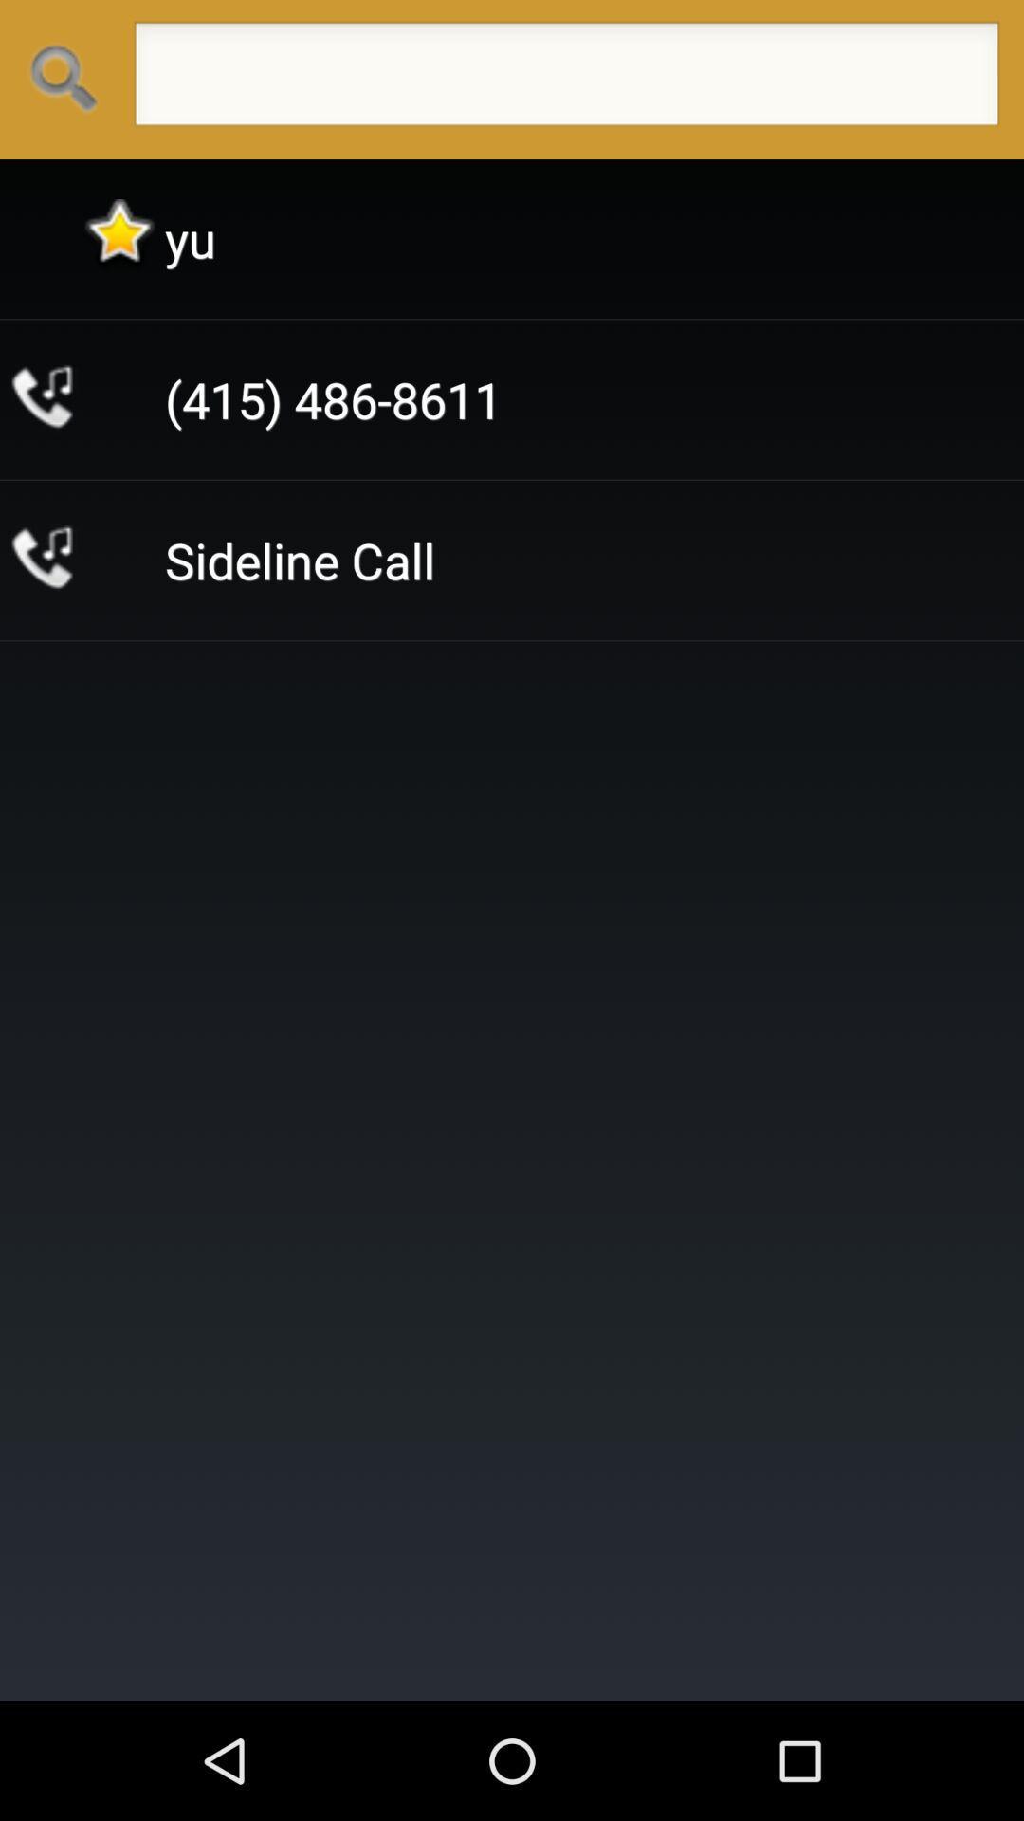  I want to click on item above the (415) 486-8611, so click(190, 238).